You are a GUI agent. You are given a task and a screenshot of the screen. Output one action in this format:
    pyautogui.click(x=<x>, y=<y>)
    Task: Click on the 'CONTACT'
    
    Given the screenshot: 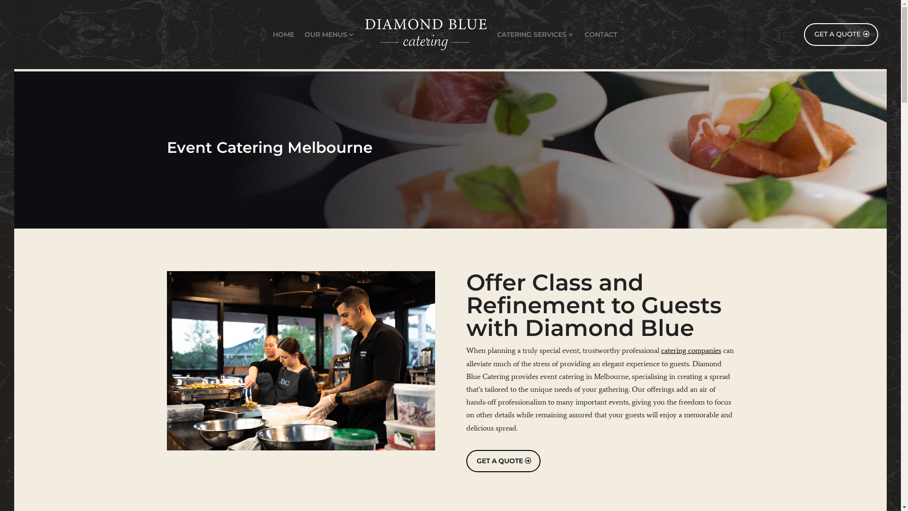 What is the action you would take?
    pyautogui.click(x=600, y=34)
    